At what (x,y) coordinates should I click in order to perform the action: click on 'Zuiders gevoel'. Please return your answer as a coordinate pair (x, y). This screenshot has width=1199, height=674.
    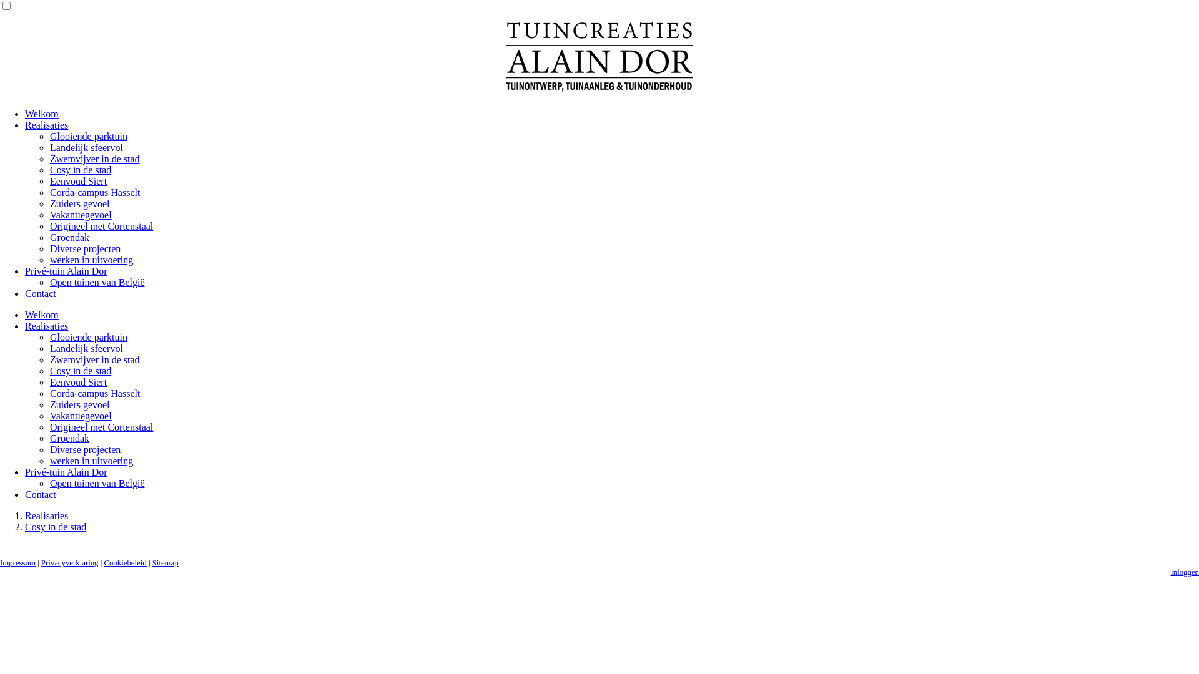
    Looking at the image, I should click on (79, 404).